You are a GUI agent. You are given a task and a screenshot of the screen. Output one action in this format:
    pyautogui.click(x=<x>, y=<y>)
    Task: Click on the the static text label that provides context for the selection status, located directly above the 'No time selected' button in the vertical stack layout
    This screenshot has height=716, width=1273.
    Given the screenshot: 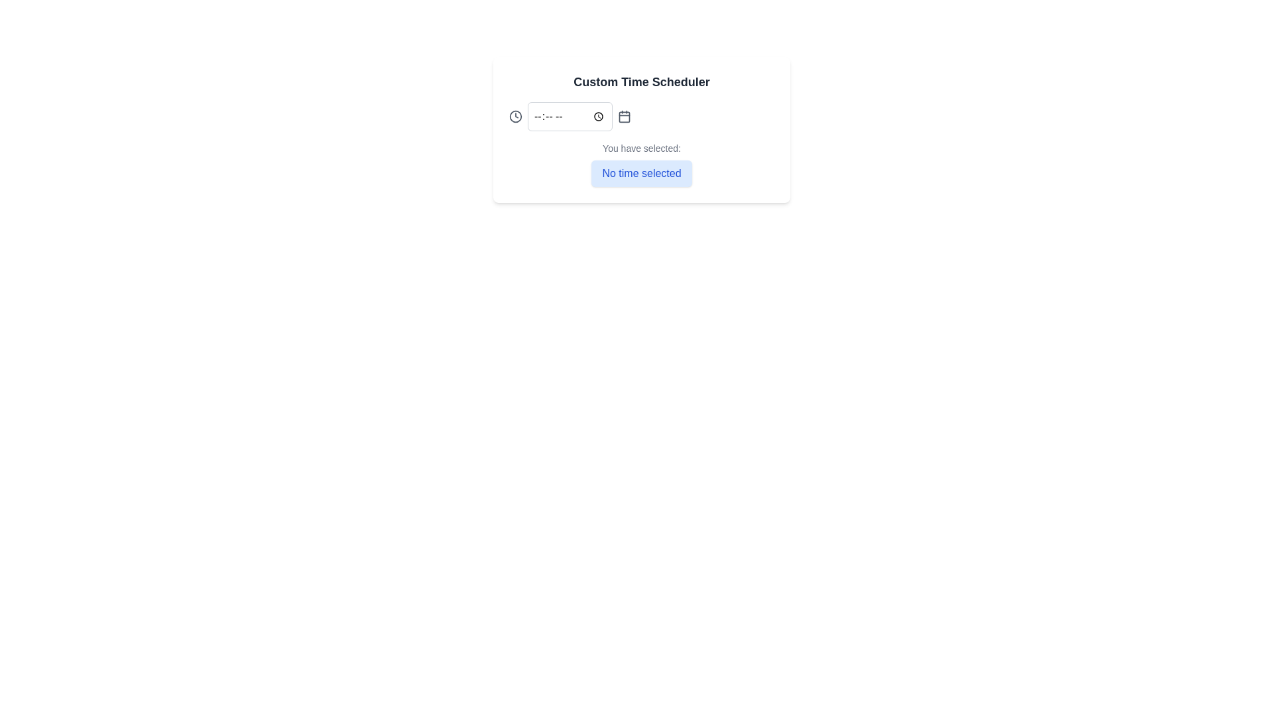 What is the action you would take?
    pyautogui.click(x=642, y=148)
    